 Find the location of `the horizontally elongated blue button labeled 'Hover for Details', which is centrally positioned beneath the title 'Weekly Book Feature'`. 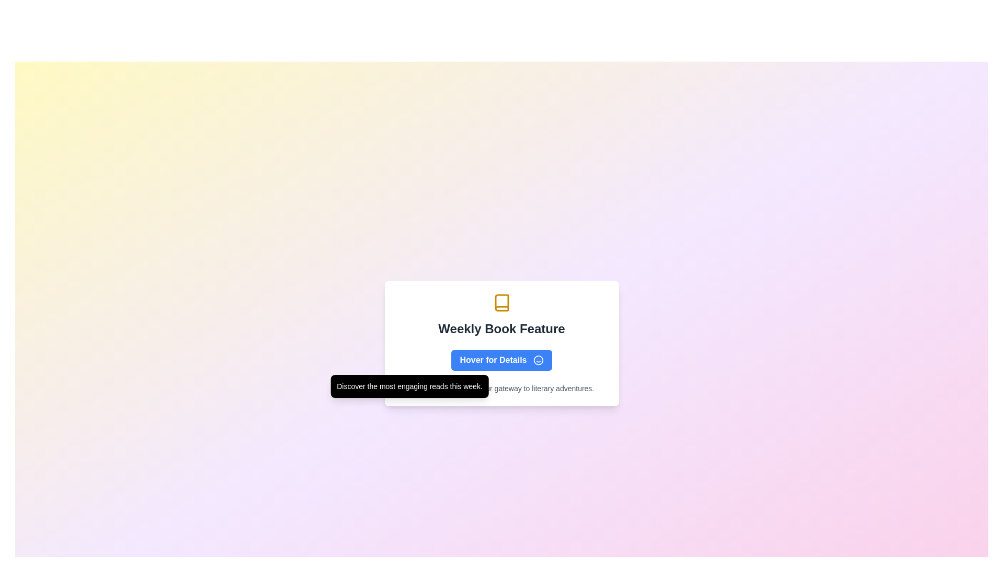

the horizontally elongated blue button labeled 'Hover for Details', which is centrally positioned beneath the title 'Weekly Book Feature' is located at coordinates (501, 360).